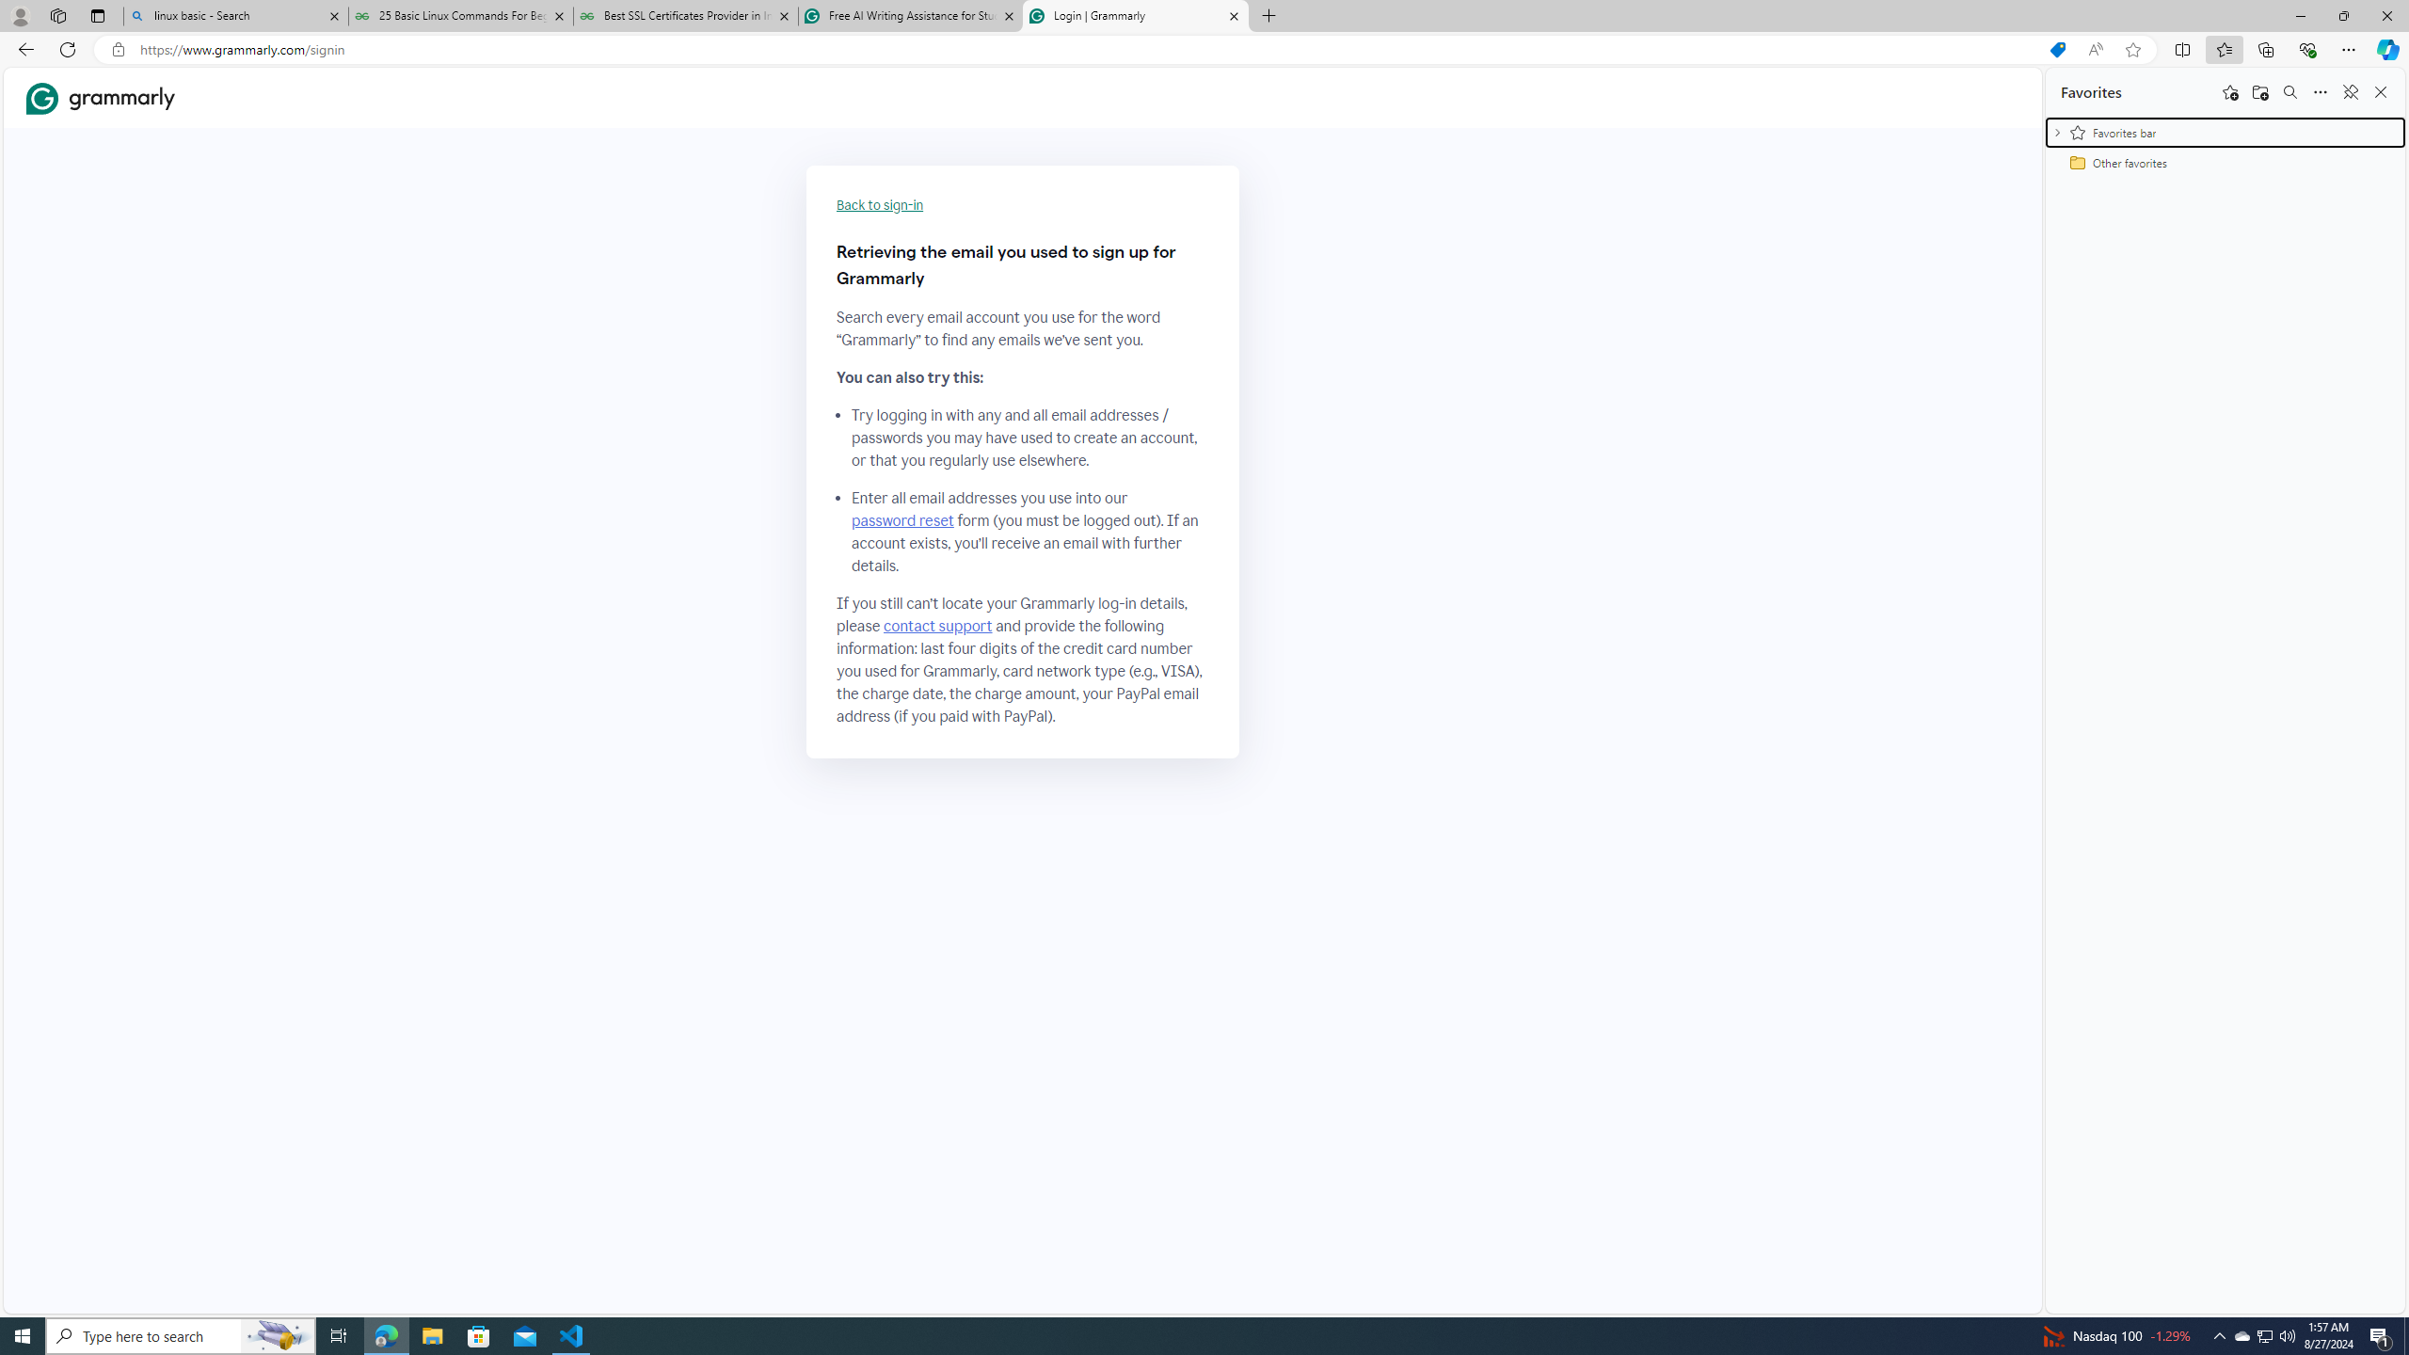 The image size is (2409, 1355). Describe the element at coordinates (459, 15) in the screenshot. I see `'25 Basic Linux Commands For Beginners - GeeksforGeeks'` at that location.